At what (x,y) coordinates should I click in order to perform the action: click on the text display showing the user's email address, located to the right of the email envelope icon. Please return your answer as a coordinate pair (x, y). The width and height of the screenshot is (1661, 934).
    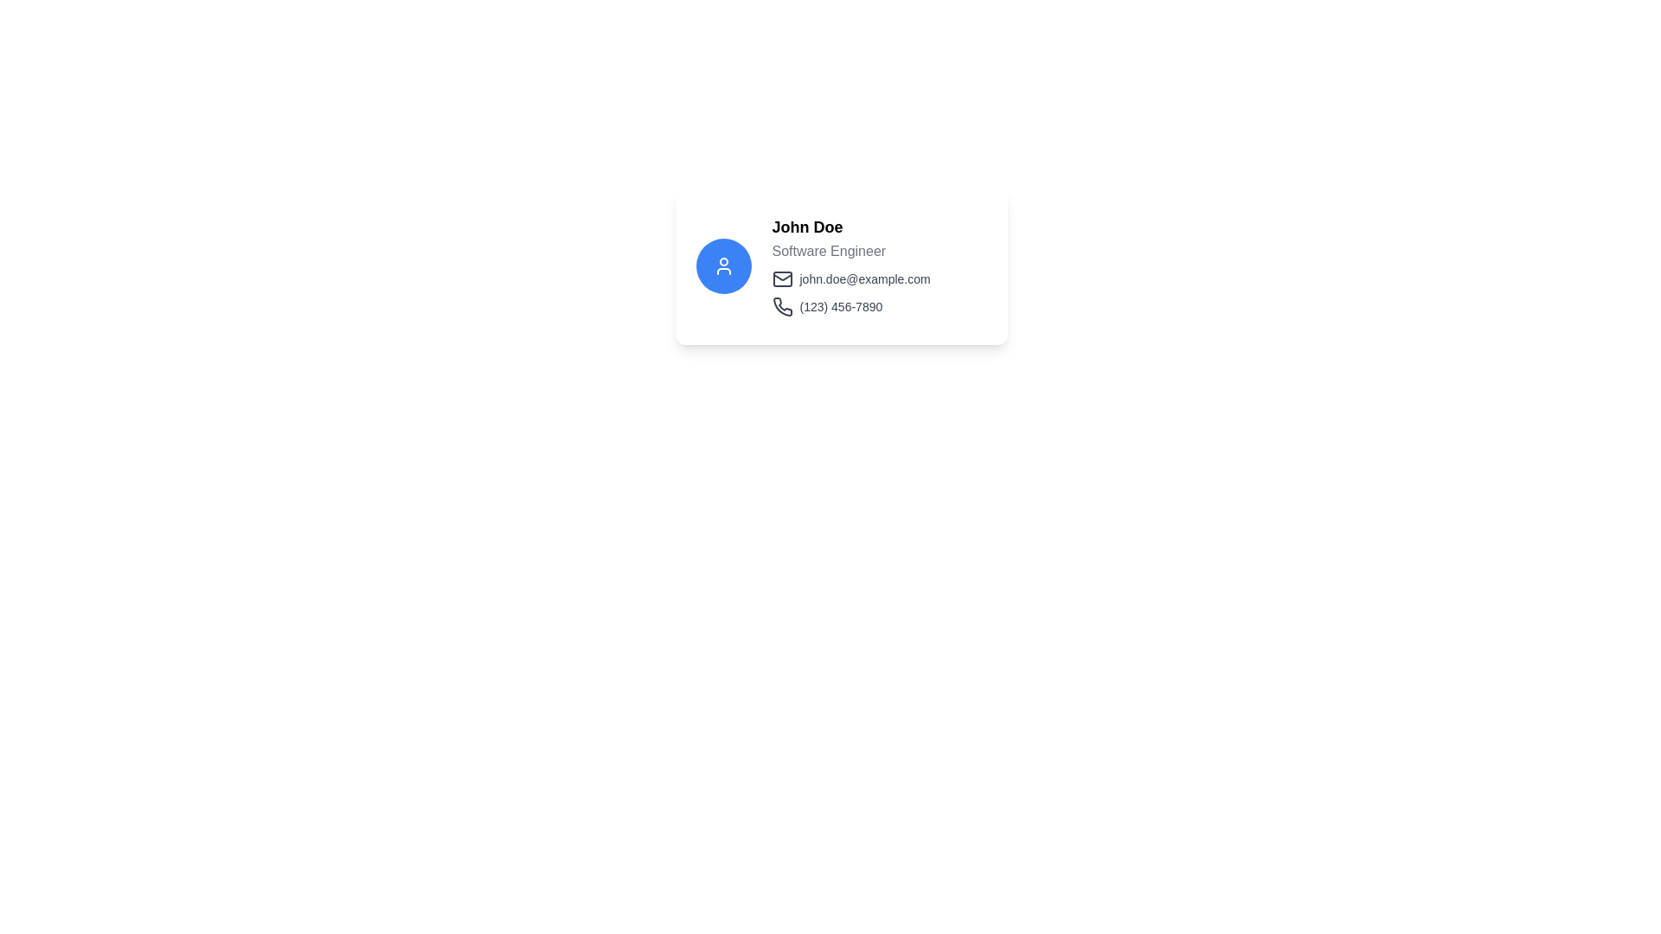
    Looking at the image, I should click on (864, 278).